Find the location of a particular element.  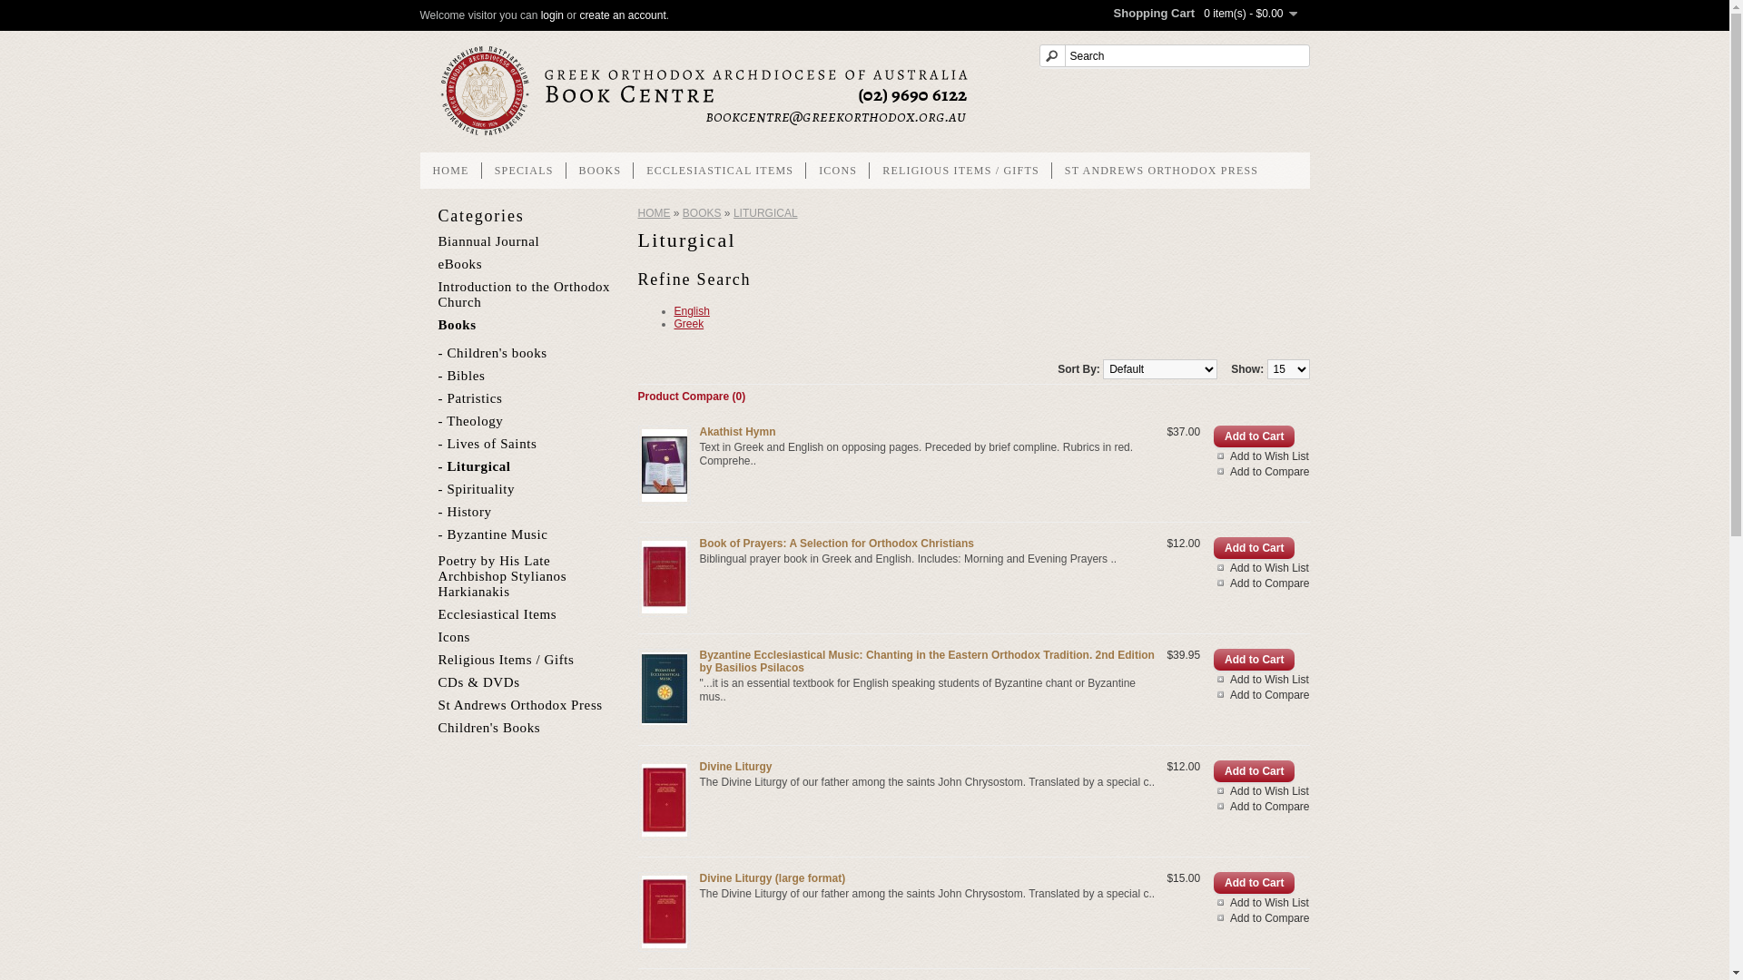

'CDs & DVDs' is located at coordinates (478, 682).